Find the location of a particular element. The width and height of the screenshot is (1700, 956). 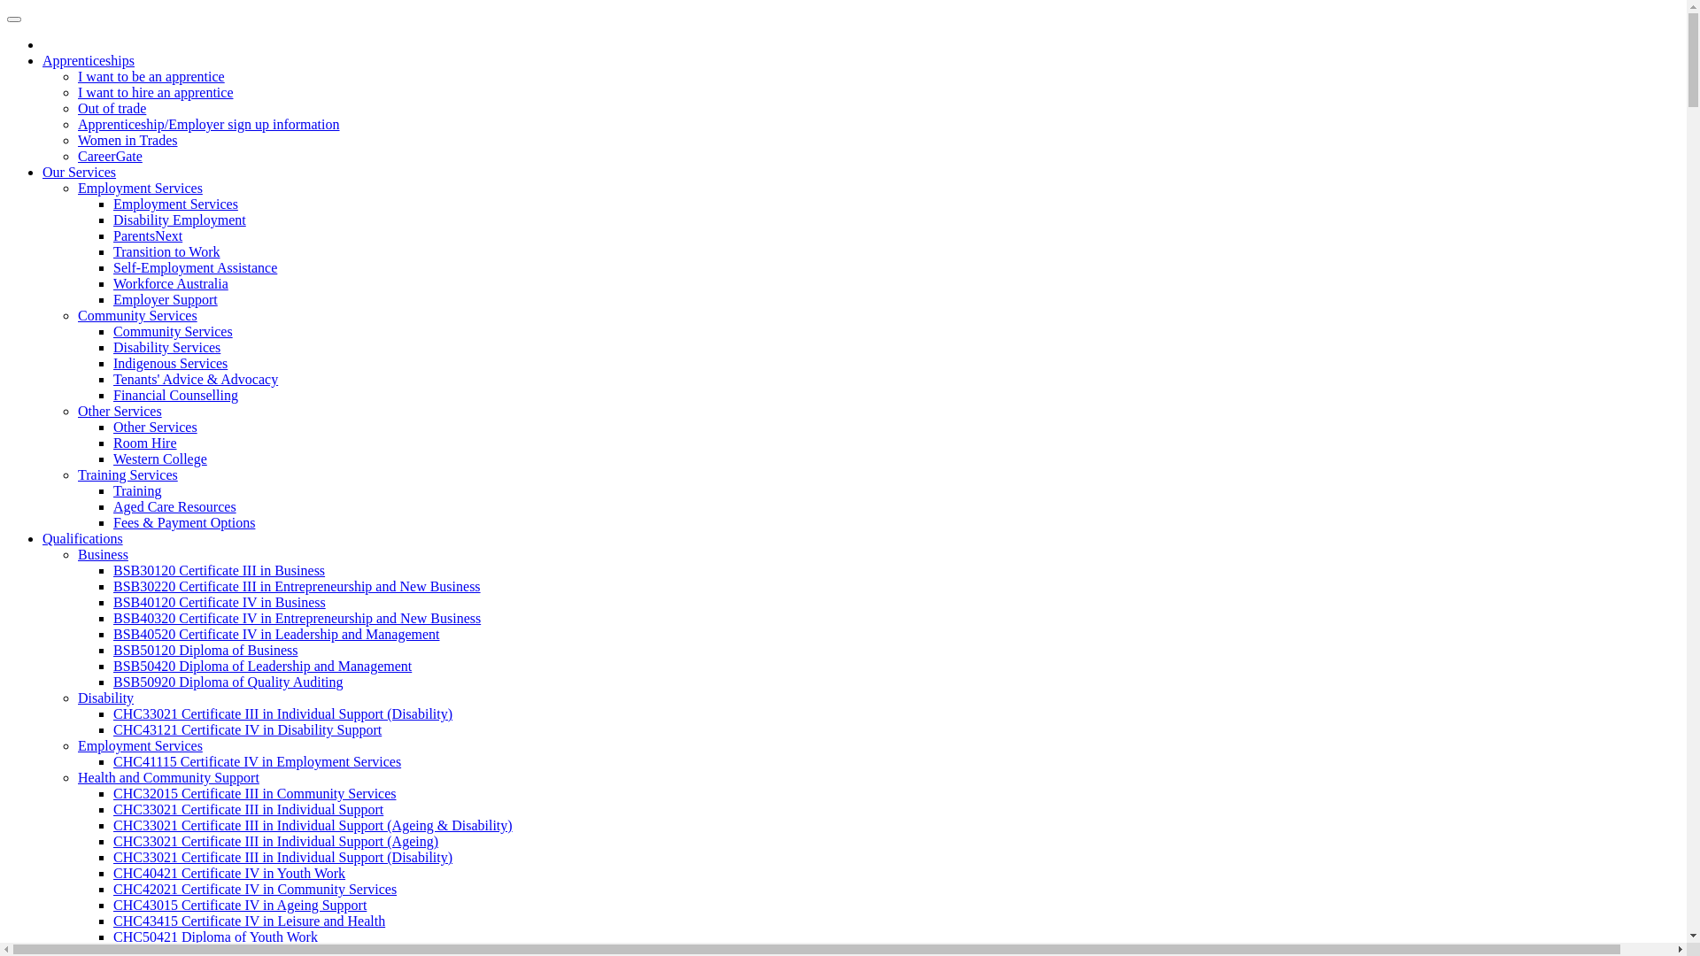

'Disability' is located at coordinates (104, 697).